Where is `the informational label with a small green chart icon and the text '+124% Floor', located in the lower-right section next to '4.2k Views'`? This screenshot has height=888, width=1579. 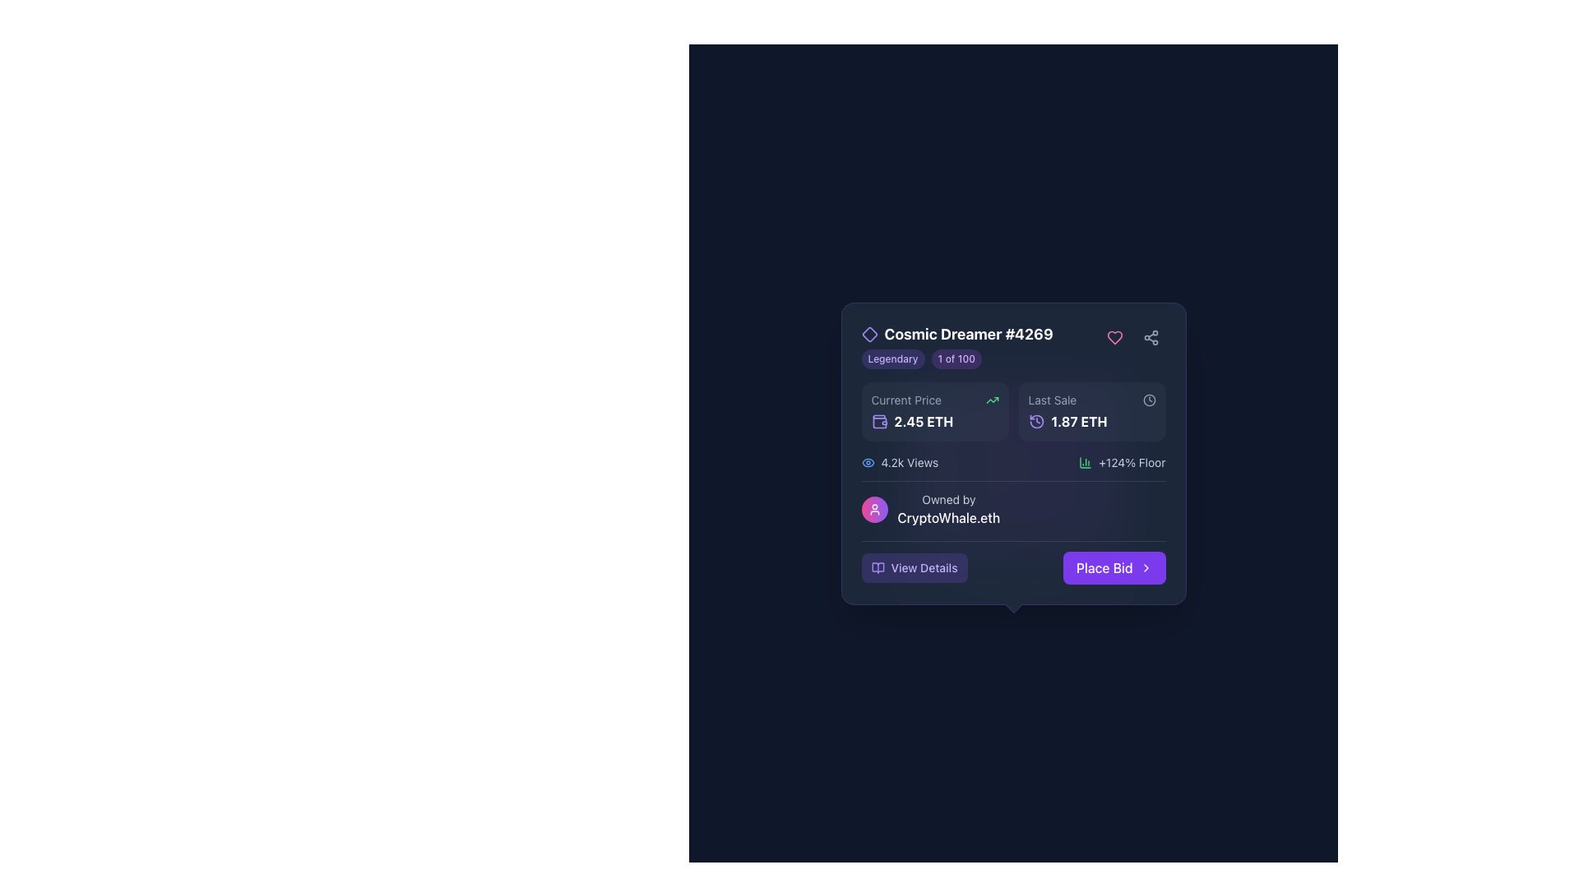
the informational label with a small green chart icon and the text '+124% Floor', located in the lower-right section next to '4.2k Views' is located at coordinates (1121, 463).